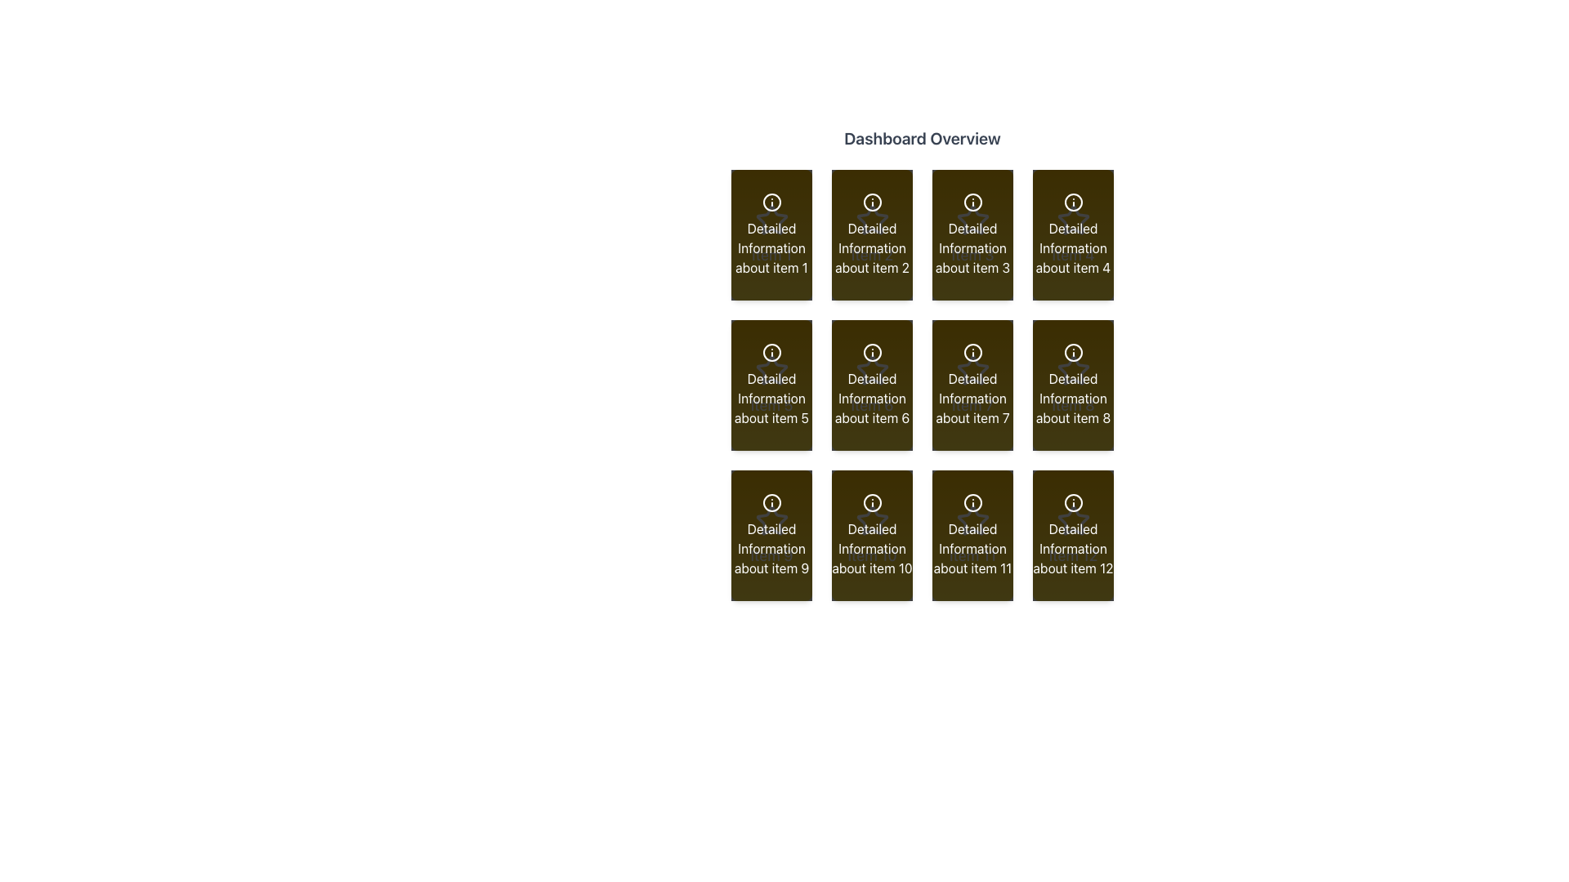 The height and width of the screenshot is (882, 1569). What do you see at coordinates (771, 502) in the screenshot?
I see `the circle element that serves as part of the information icon, located in the ninth box of a 4x3 grid layout, providing details about item 9` at bounding box center [771, 502].